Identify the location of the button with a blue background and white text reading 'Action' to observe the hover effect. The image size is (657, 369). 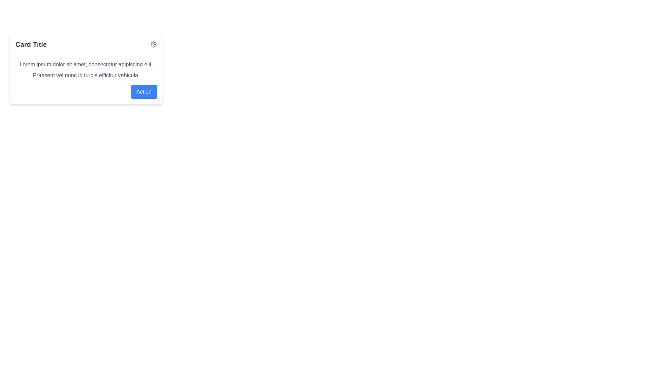
(143, 92).